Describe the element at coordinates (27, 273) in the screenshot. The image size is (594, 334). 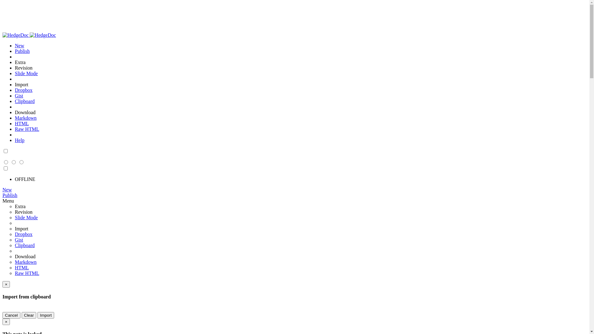
I see `'Raw HTML'` at that location.